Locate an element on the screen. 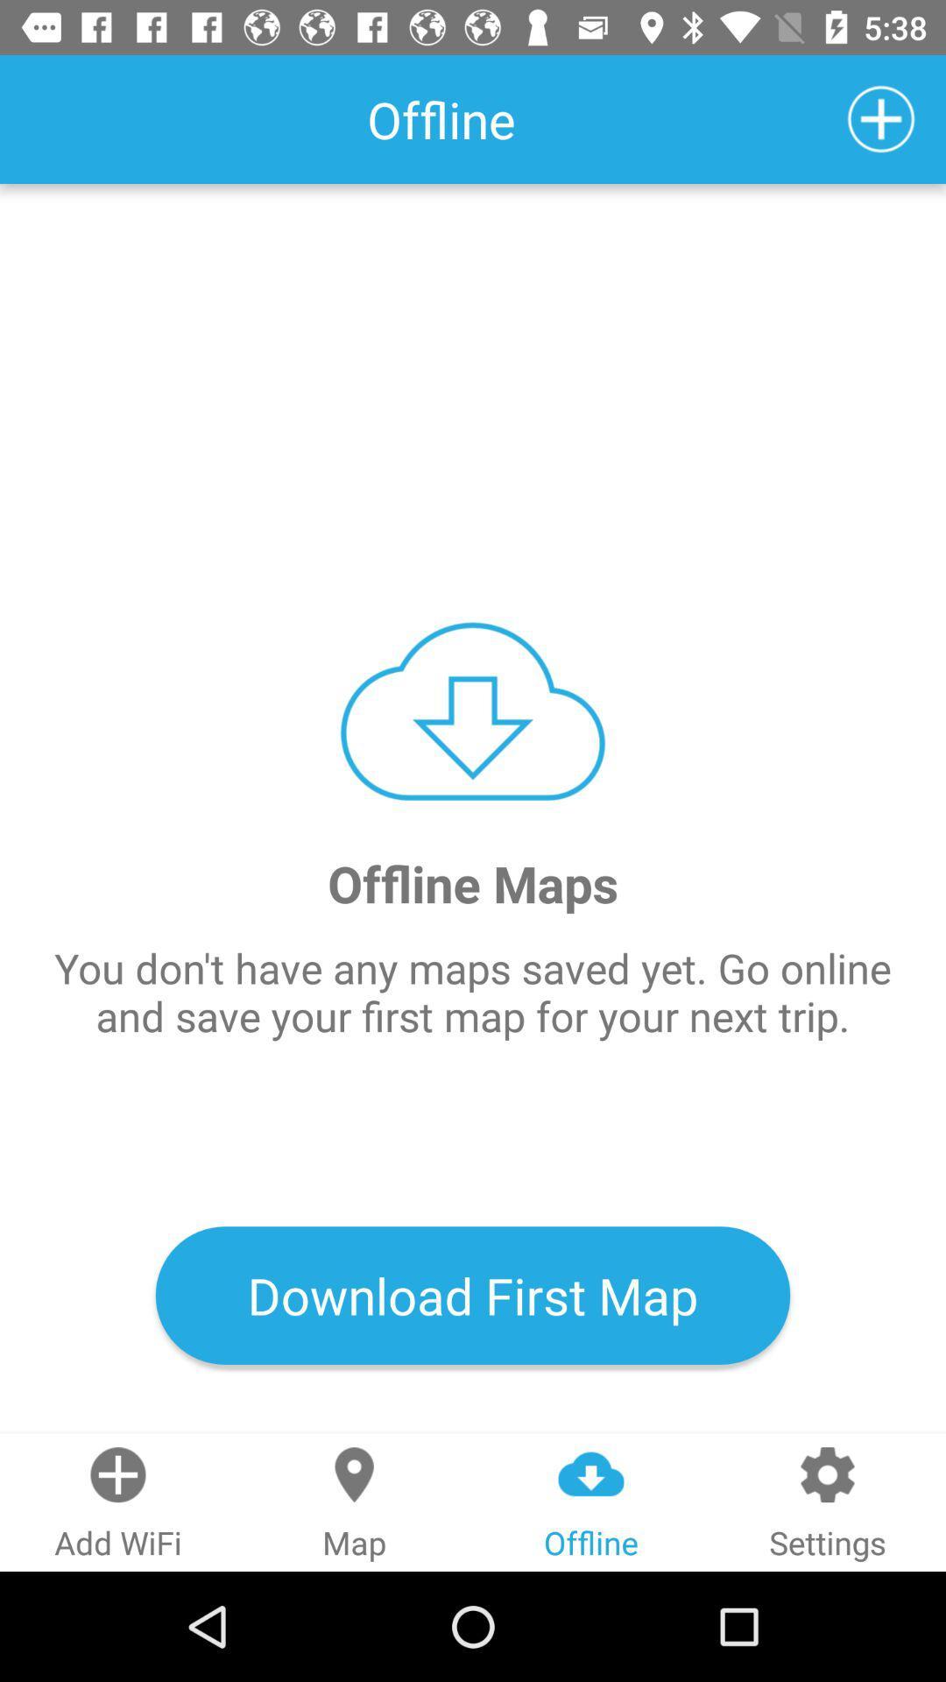 The width and height of the screenshot is (946, 1682). settings icon is located at coordinates (828, 1502).